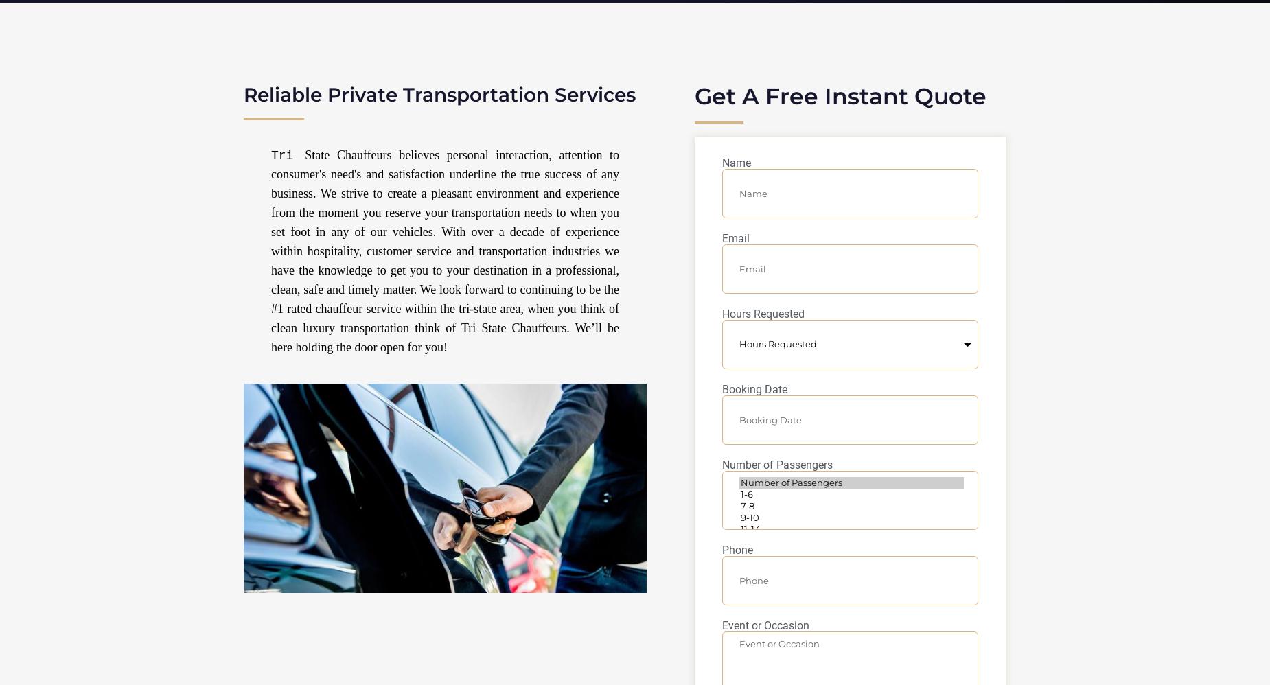 The width and height of the screenshot is (1270, 685). Describe the element at coordinates (735, 238) in the screenshot. I see `'Email'` at that location.